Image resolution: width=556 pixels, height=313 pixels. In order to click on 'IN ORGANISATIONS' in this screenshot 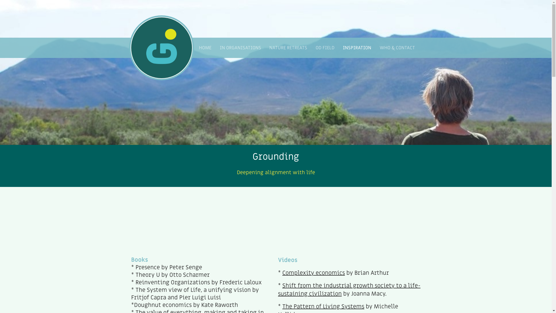, I will do `click(240, 48)`.